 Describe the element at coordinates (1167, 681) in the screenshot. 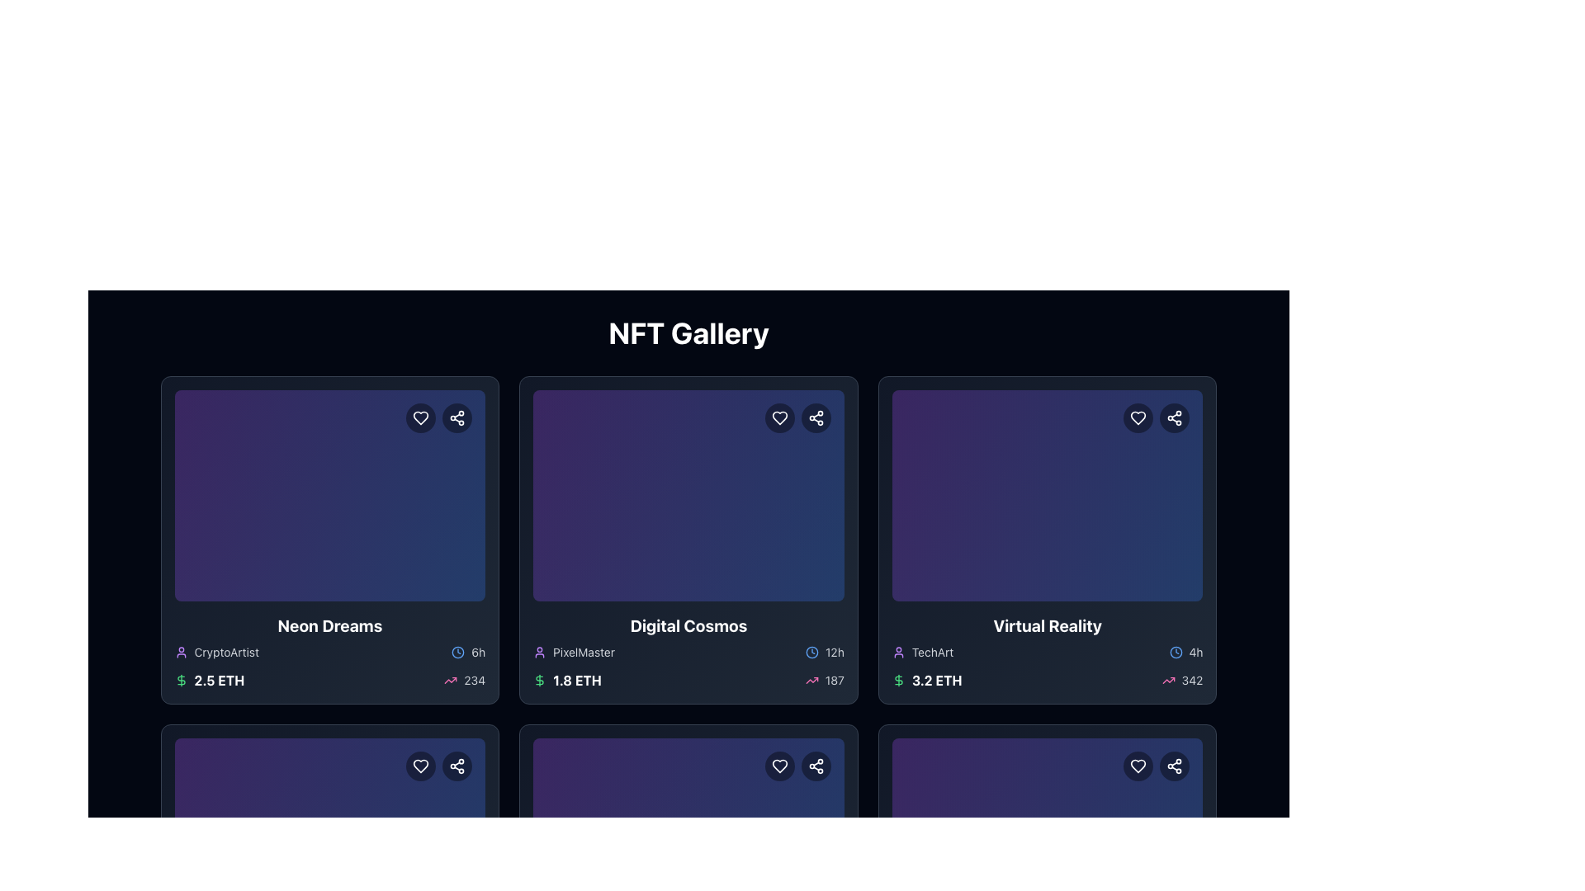

I see `the pink upward trending arrow icon located in the third card of the top row, adjacent to the numeric indicator '342'` at that location.